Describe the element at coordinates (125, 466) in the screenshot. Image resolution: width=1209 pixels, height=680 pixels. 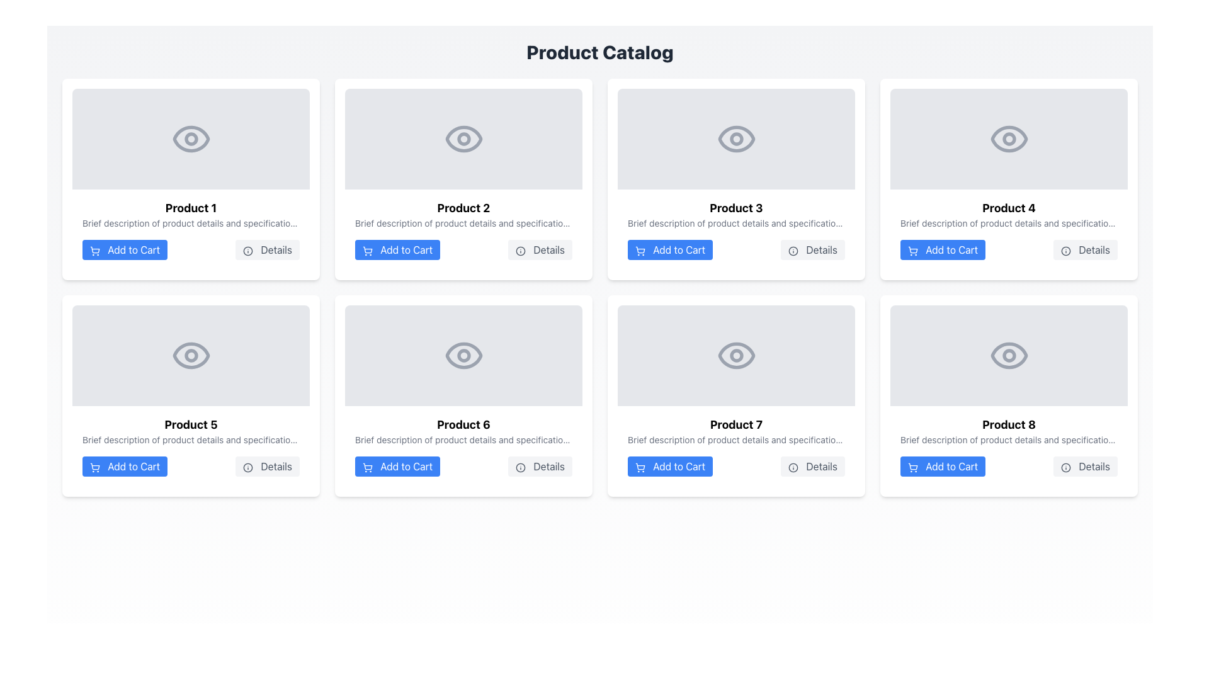
I see `the 'Add to Cart' button located in the lower section of the 'Product 5' card` at that location.